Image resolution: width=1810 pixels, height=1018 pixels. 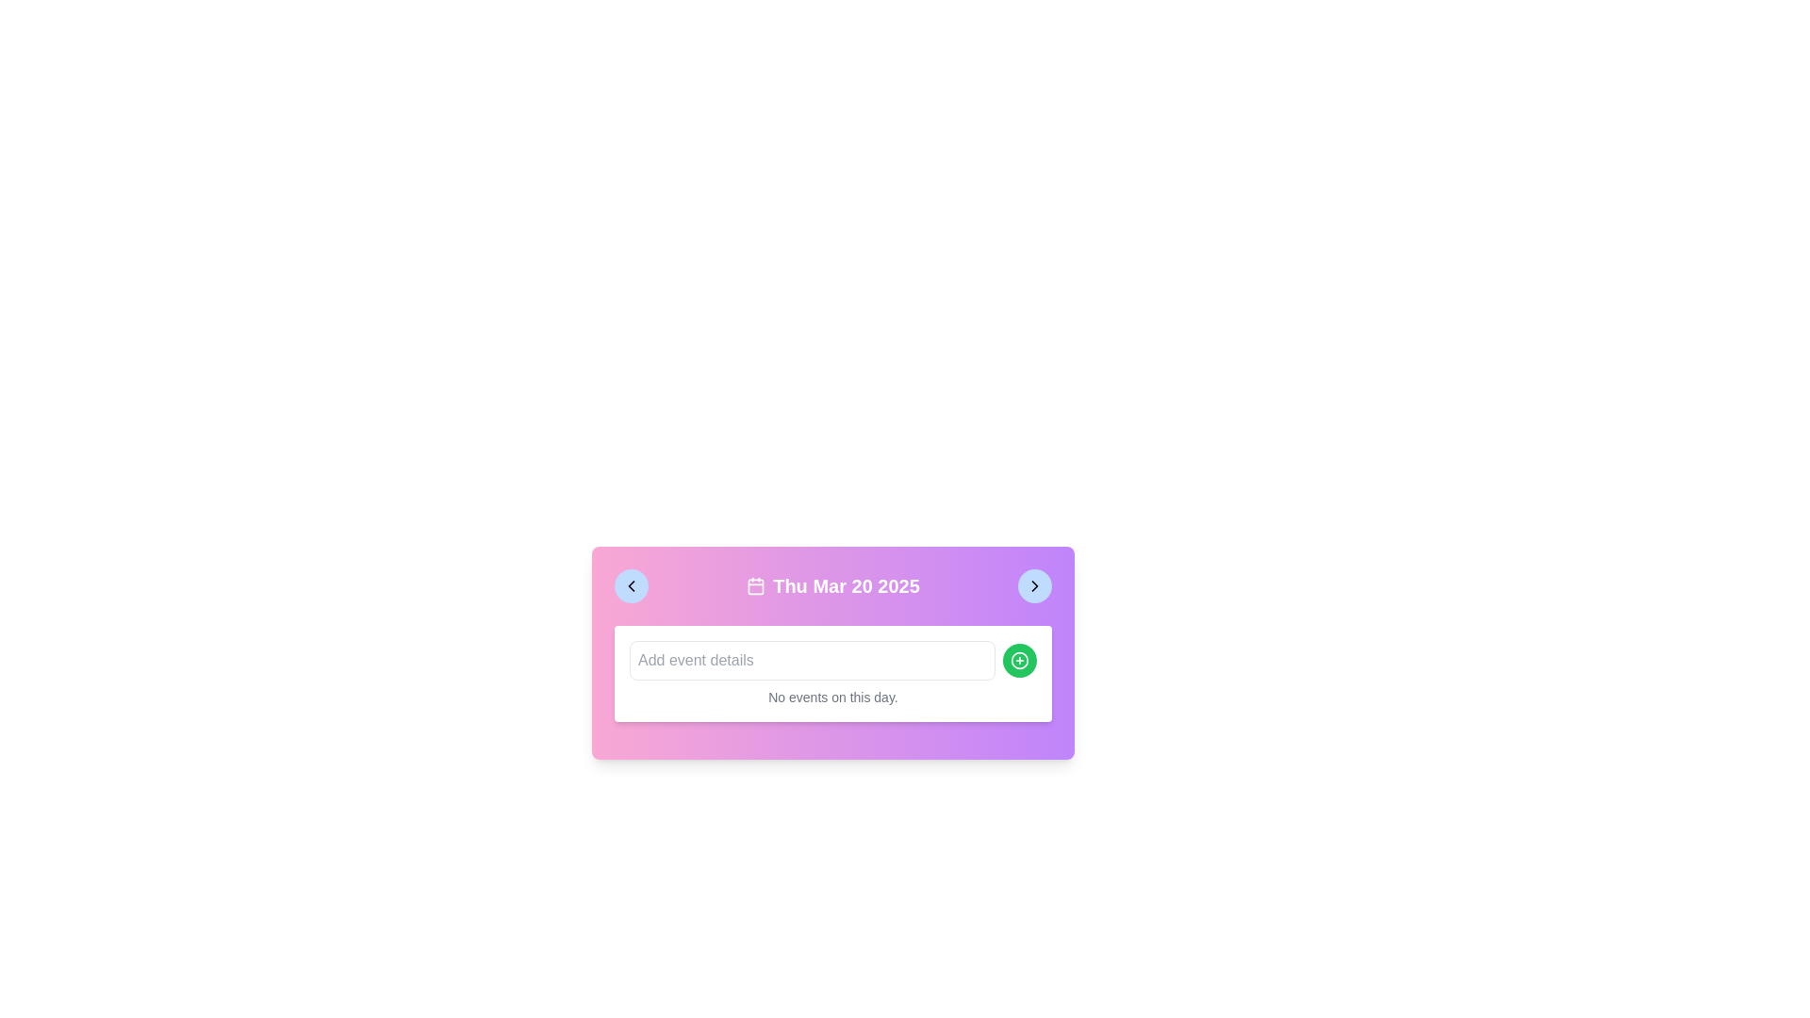 What do you see at coordinates (1018, 660) in the screenshot?
I see `the circular green button with a white '+' icon` at bounding box center [1018, 660].